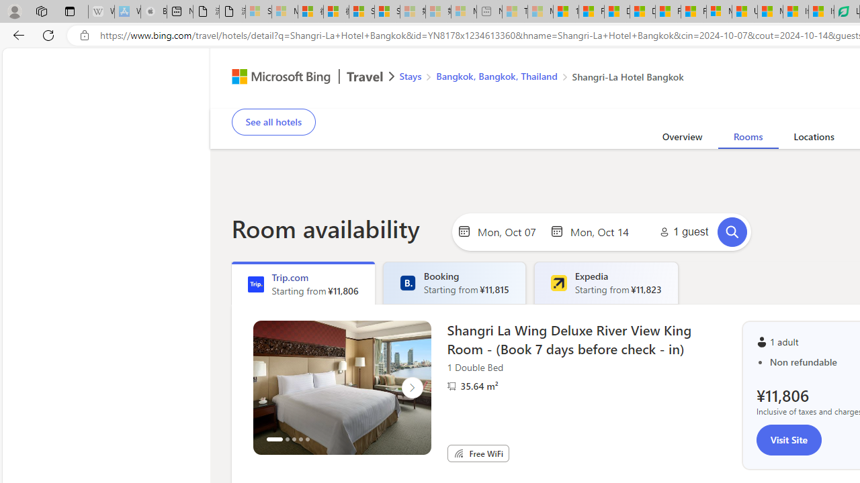 This screenshot has width=860, height=483. What do you see at coordinates (411, 388) in the screenshot?
I see `'Click to scroll right'` at bounding box center [411, 388].